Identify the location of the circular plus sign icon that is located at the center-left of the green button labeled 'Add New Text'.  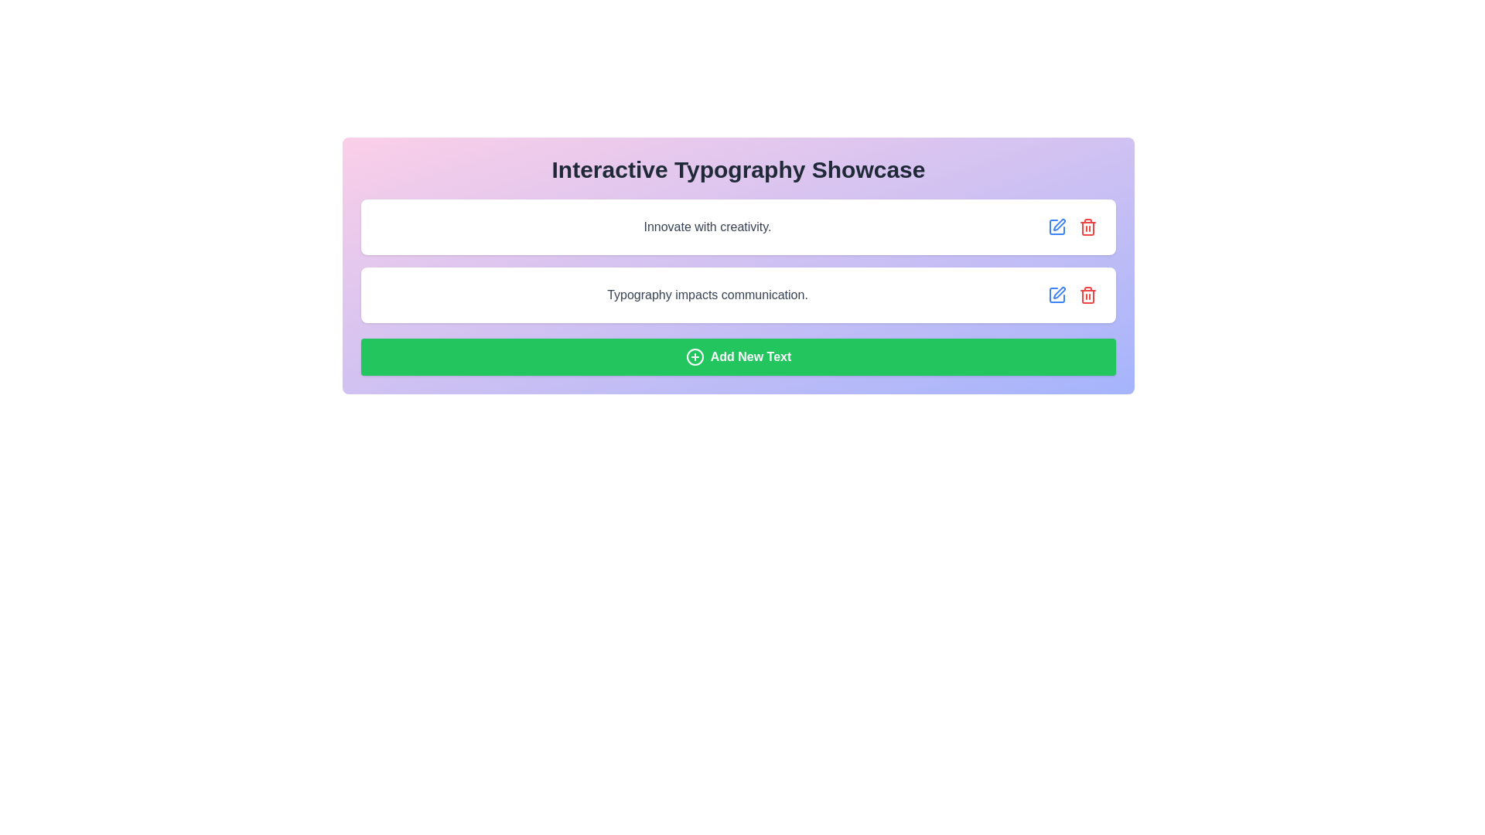
(694, 357).